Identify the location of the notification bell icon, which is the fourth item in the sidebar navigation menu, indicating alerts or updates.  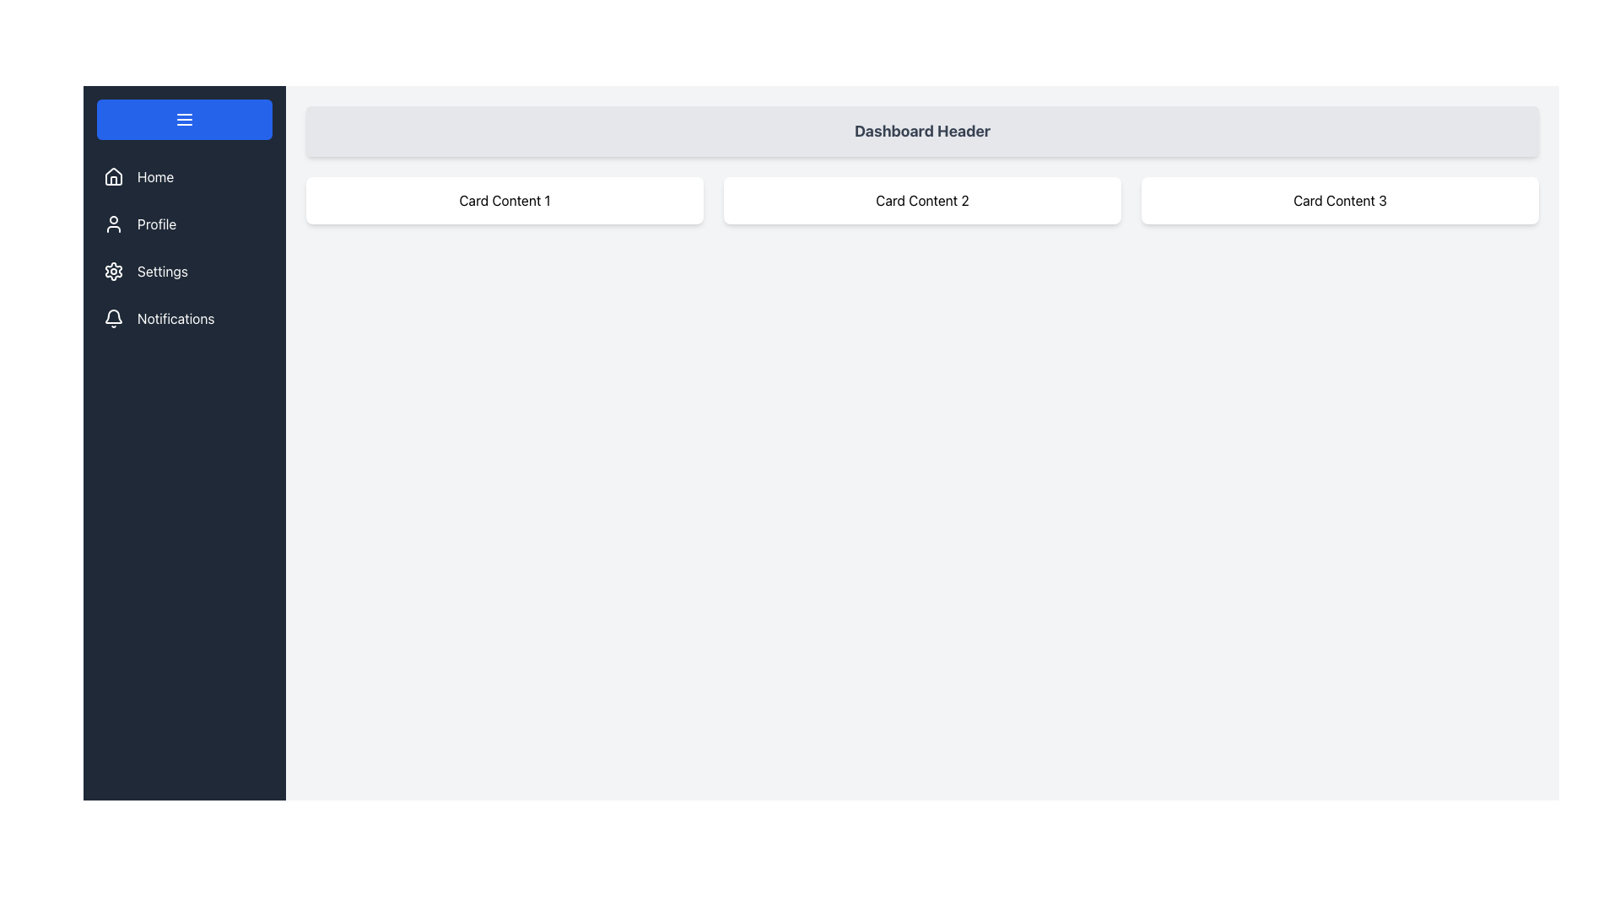
(112, 316).